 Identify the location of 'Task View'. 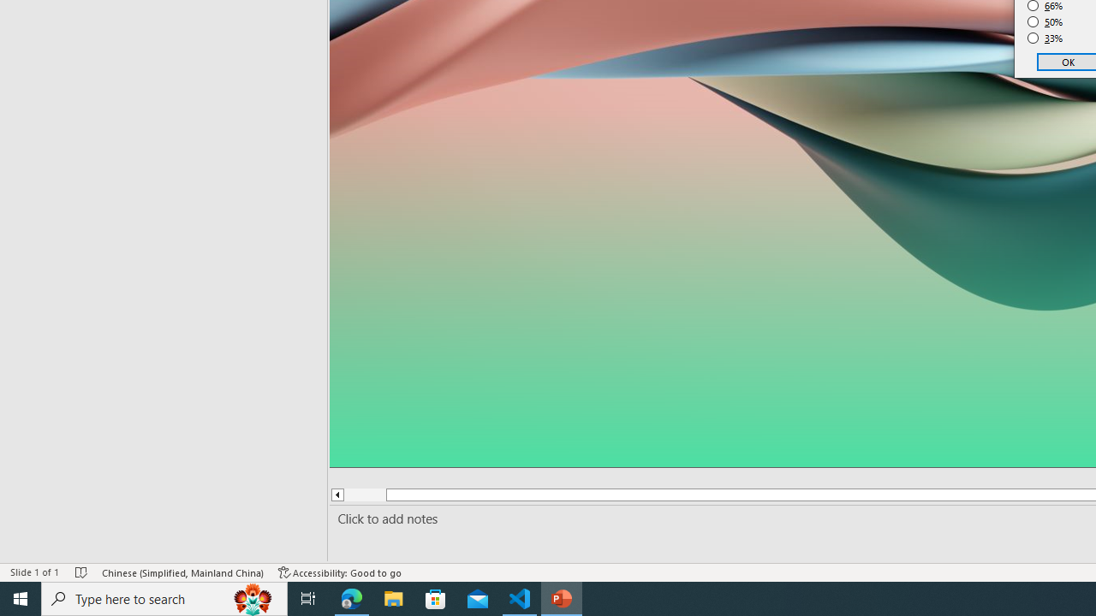
(307, 597).